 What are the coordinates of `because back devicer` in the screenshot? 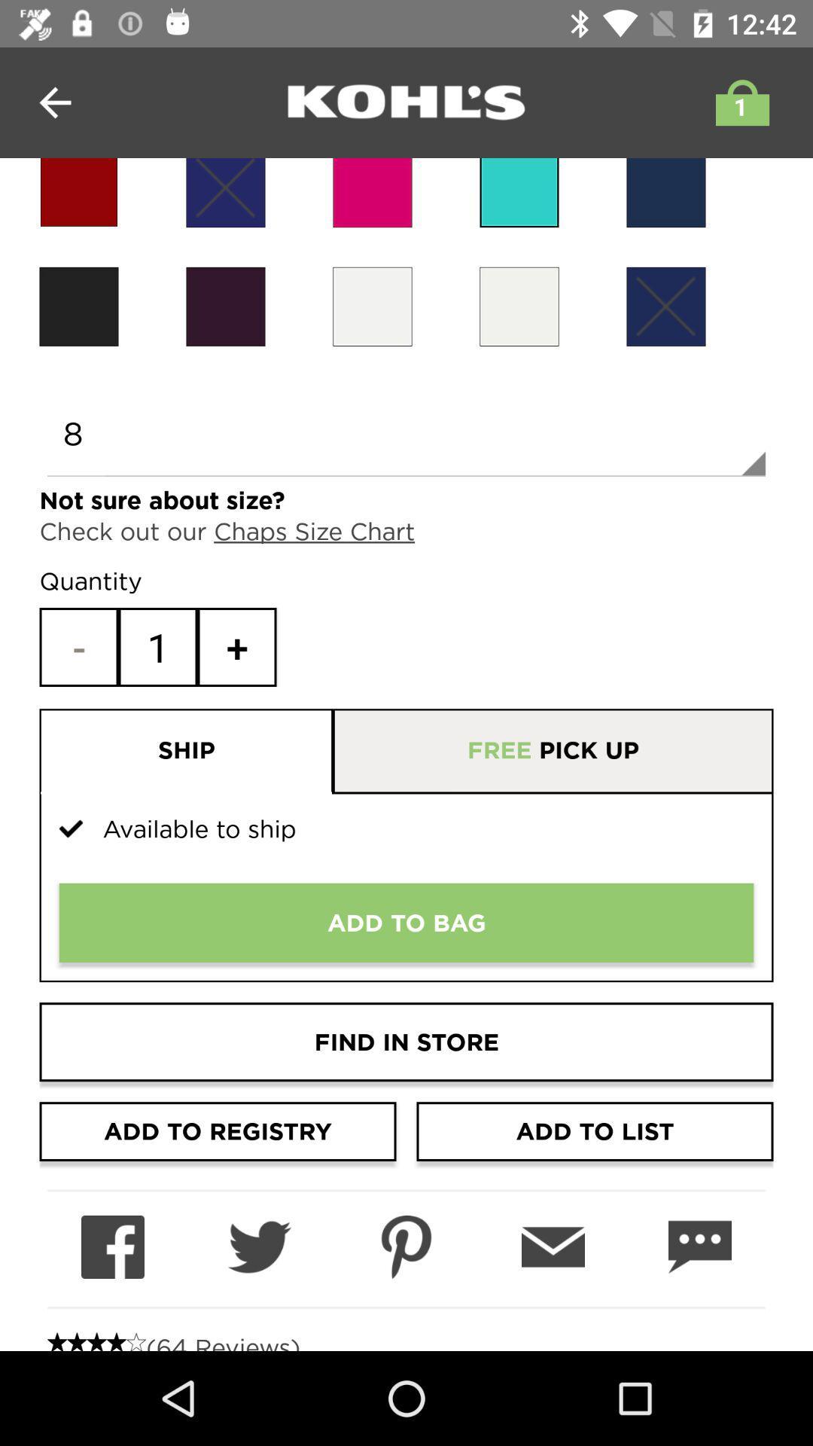 It's located at (519, 306).